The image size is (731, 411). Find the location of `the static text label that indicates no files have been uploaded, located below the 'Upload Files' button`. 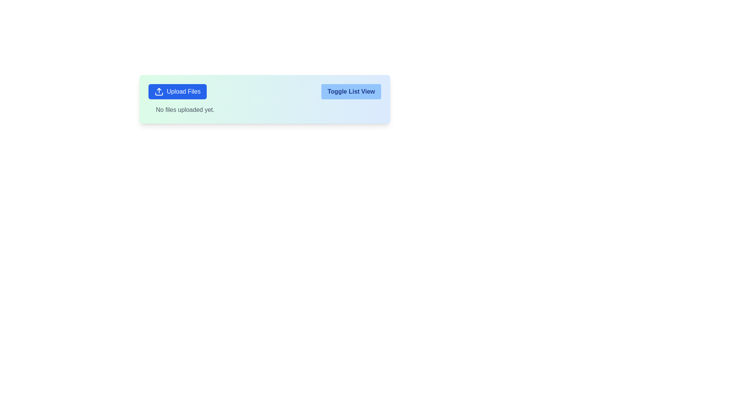

the static text label that indicates no files have been uploaded, located below the 'Upload Files' button is located at coordinates (185, 110).